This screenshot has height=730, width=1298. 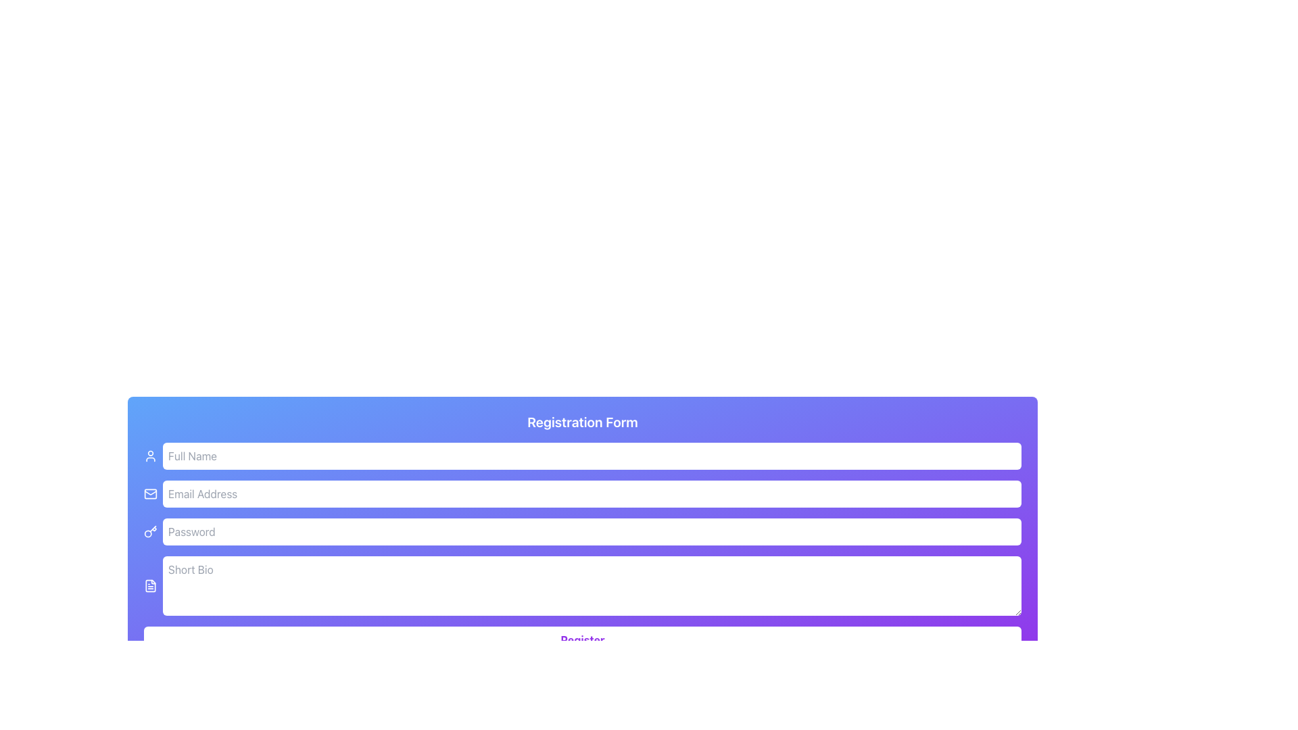 What do you see at coordinates (150, 456) in the screenshot?
I see `the user icon, which is a minimalist human figure styled in white within a small square area, located to the left of the input field with the placeholder 'Full Name'` at bounding box center [150, 456].